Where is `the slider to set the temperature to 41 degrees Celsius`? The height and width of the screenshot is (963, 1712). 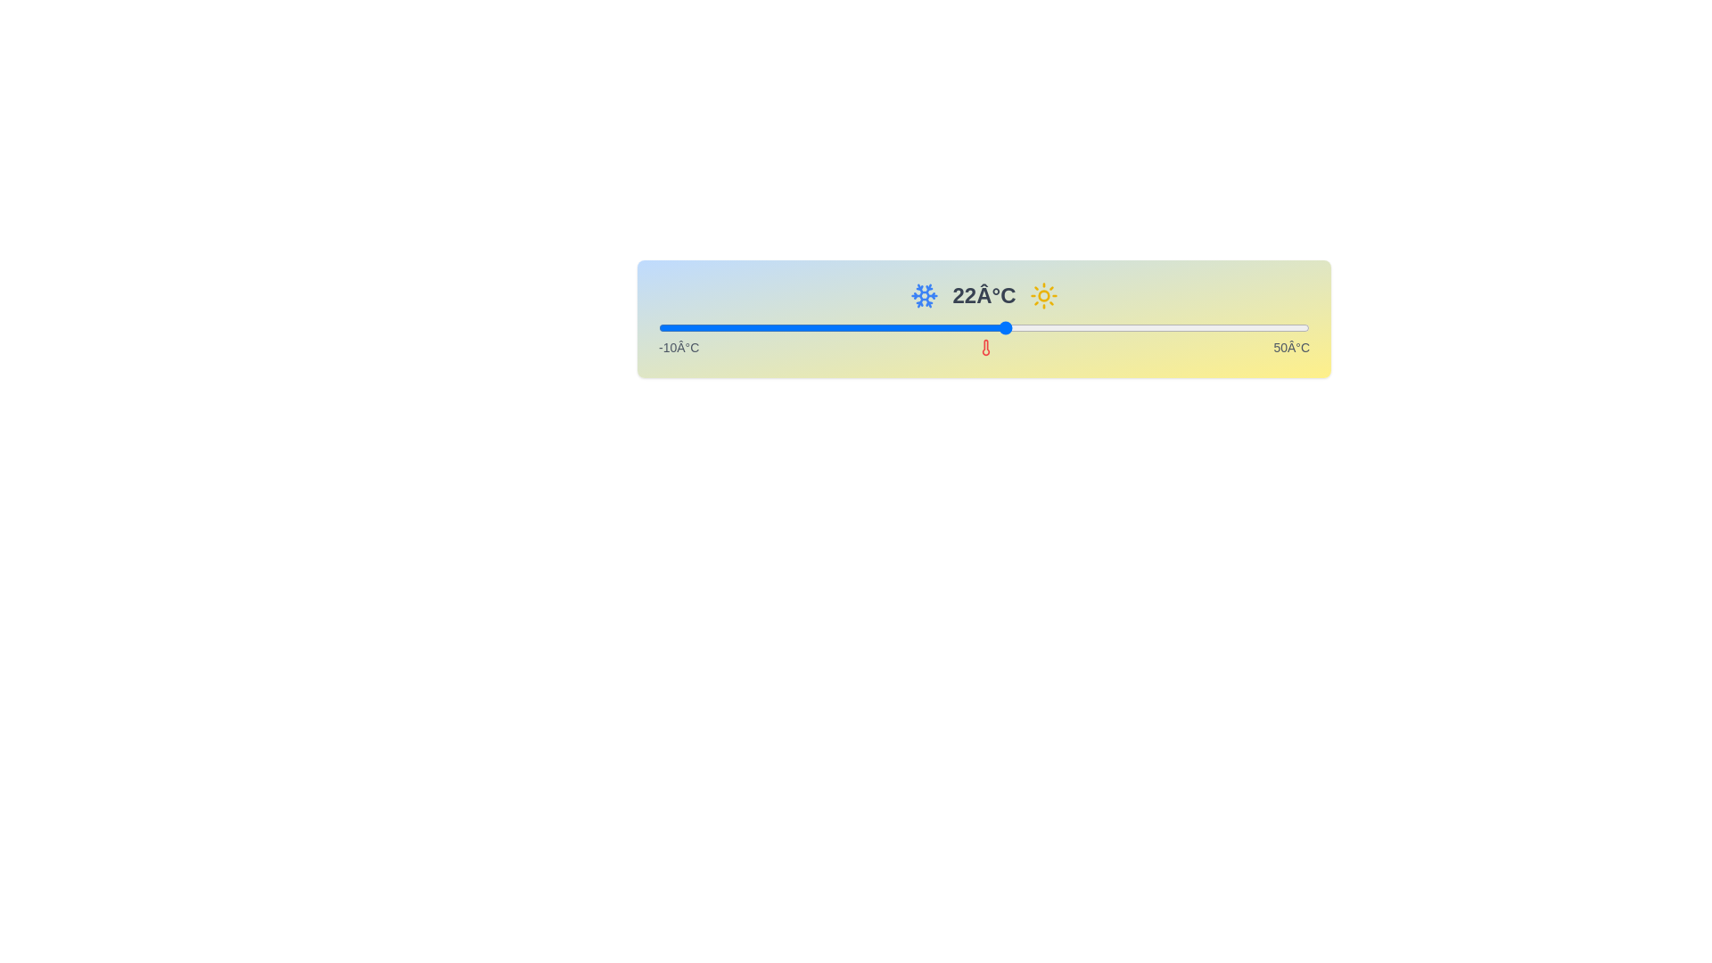
the slider to set the temperature to 41 degrees Celsius is located at coordinates (1212, 327).